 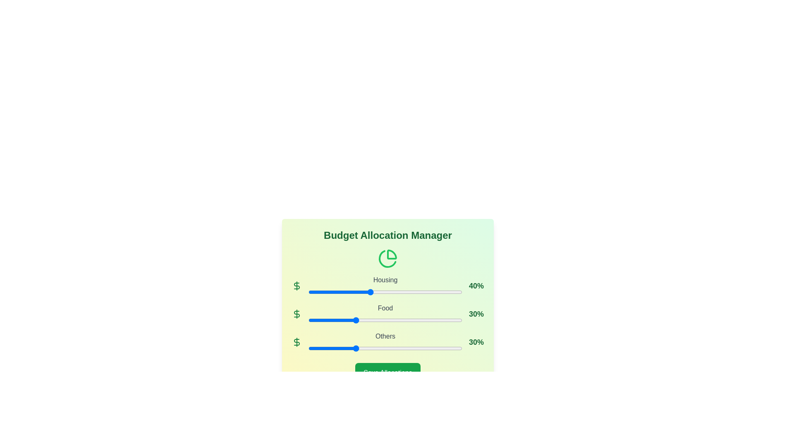 What do you see at coordinates (341, 348) in the screenshot?
I see `the 'Others' slider to 21%` at bounding box center [341, 348].